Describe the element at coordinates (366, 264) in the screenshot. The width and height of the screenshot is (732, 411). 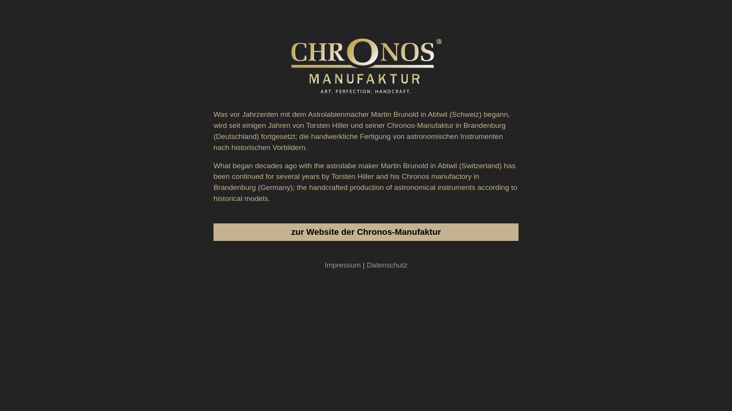
I see `'Datenschutz'` at that location.